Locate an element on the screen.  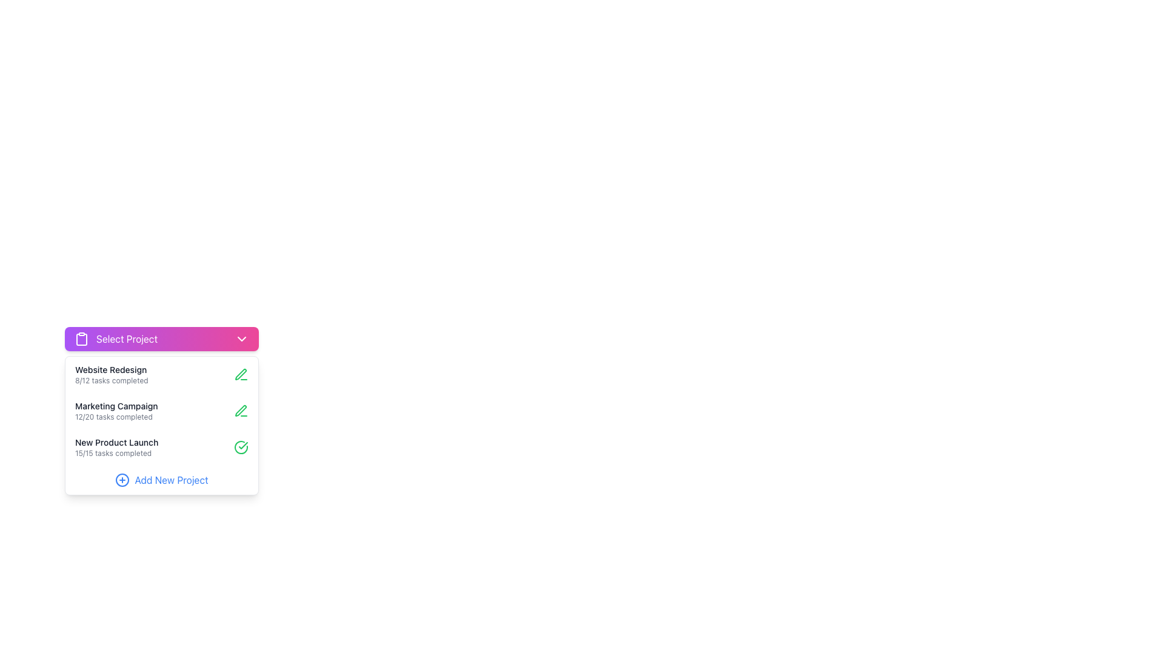
the second item in the dropdown list displaying 'Marketing Campaign 12/20 tasks completed' is located at coordinates (161, 424).